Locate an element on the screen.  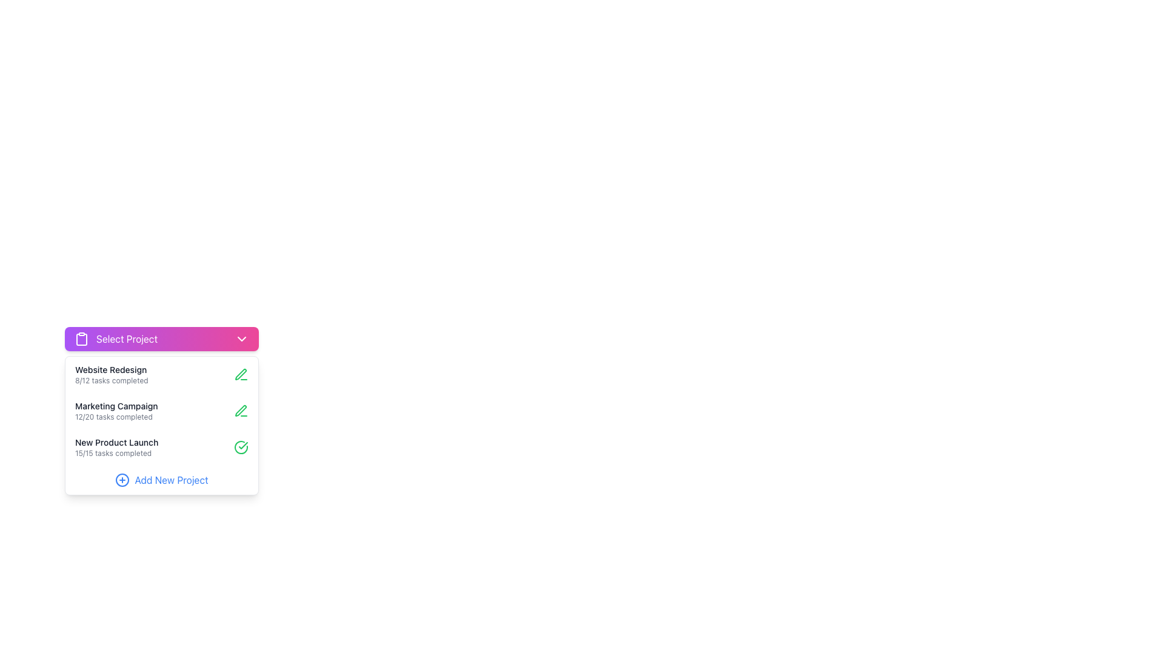
the second item in the dropdown list displaying 'Marketing Campaign 12/20 tasks completed' is located at coordinates (161, 424).